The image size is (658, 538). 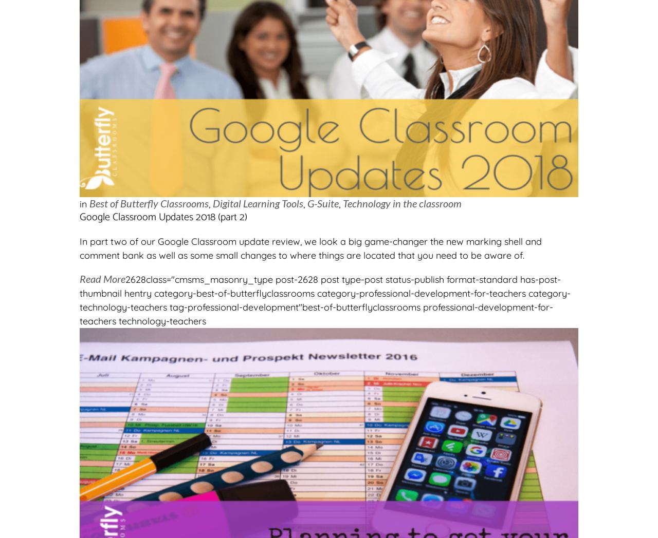 I want to click on 'Technology in the classroom', so click(x=401, y=202).